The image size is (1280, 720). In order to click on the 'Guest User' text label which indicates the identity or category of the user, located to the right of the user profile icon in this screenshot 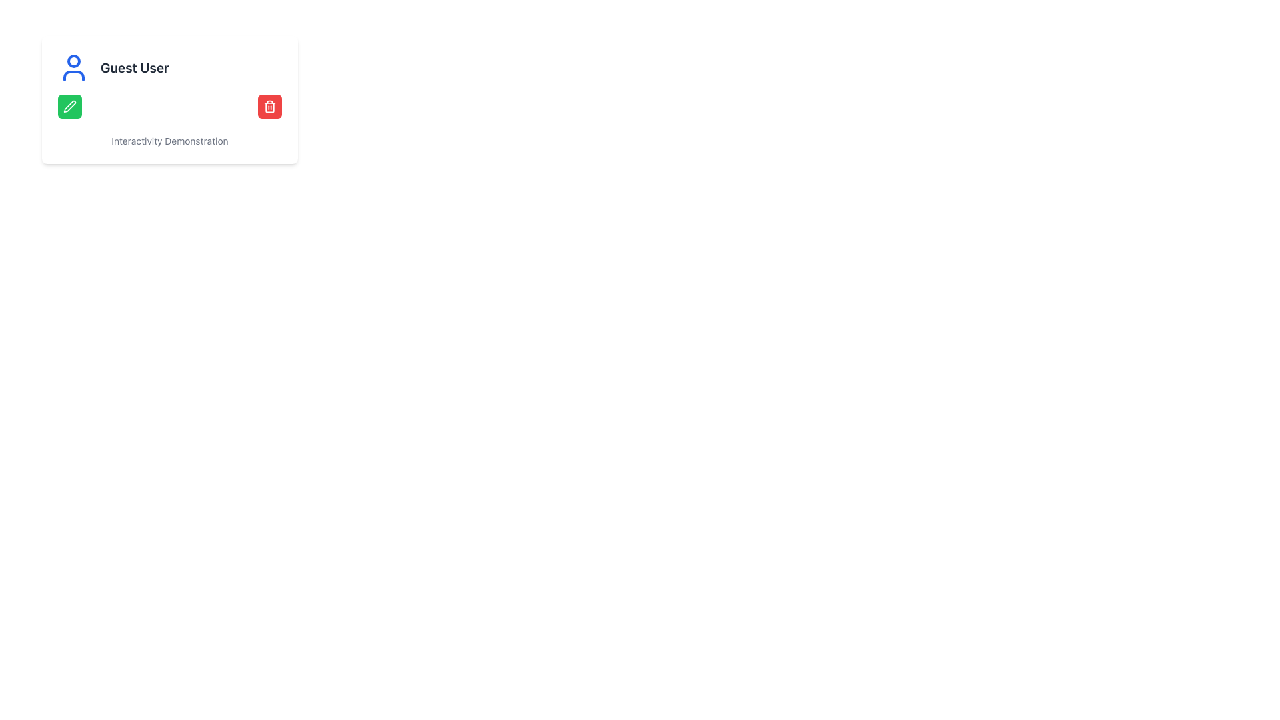, I will do `click(135, 67)`.